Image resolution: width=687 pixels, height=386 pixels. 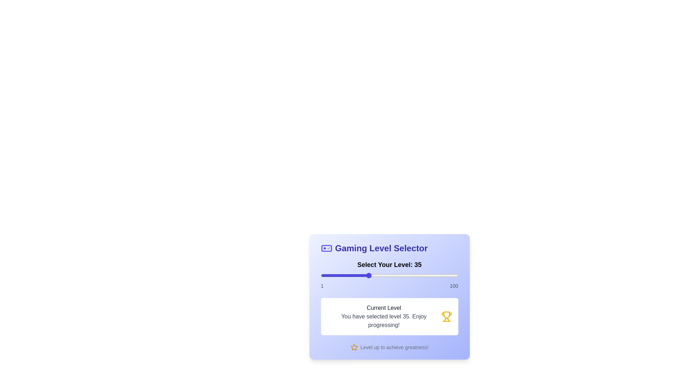 What do you see at coordinates (389, 347) in the screenshot?
I see `the Text with an icon element that features a yellow star icon and the text 'Level up to achieve greatness!', located at the bottom of the 'Gaming Level Selector' card` at bounding box center [389, 347].